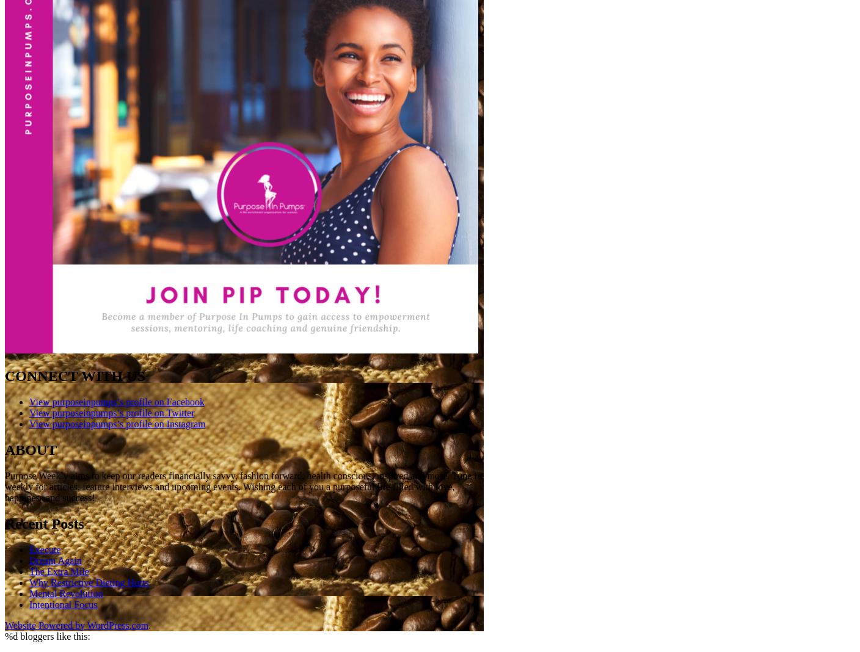 The image size is (860, 652). What do you see at coordinates (10, 636) in the screenshot?
I see `'%d'` at bounding box center [10, 636].